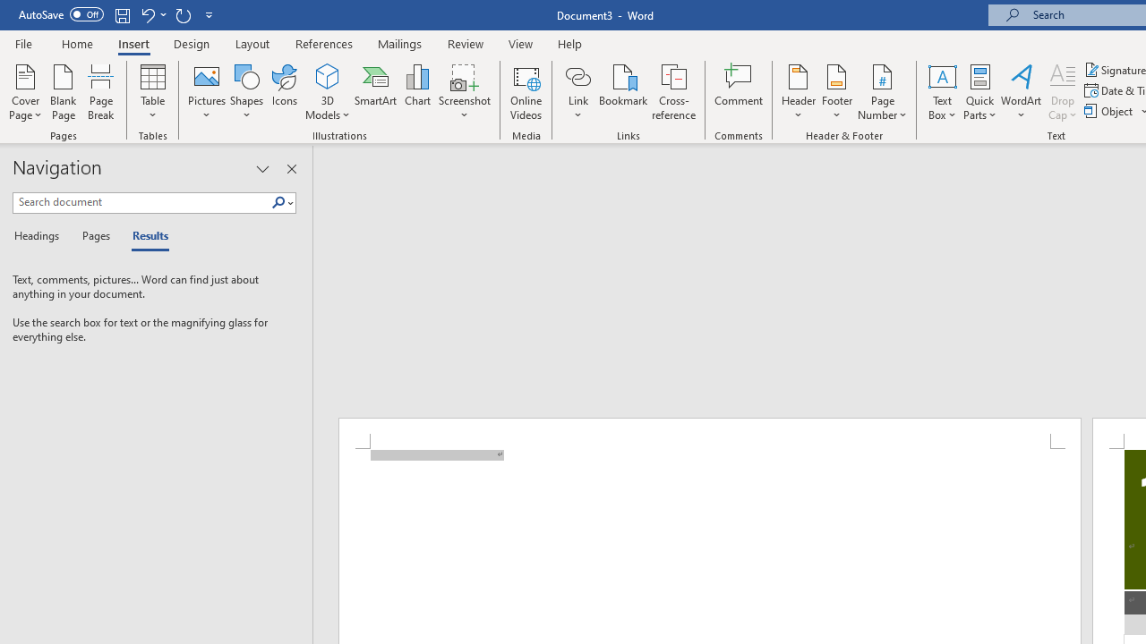  What do you see at coordinates (979, 92) in the screenshot?
I see `'Quick Parts'` at bounding box center [979, 92].